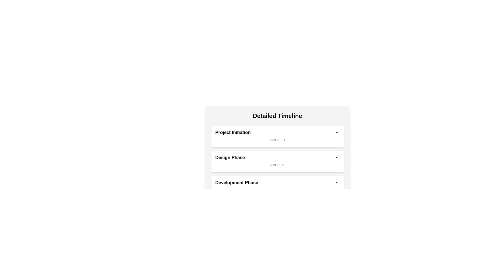 The image size is (481, 271). I want to click on the Text Label indicating the milestone or deadline associated with the 'Design Phase' in the project timeline, located beneath the title 'Design Phase' and to the left of the dropdown control, so click(277, 165).